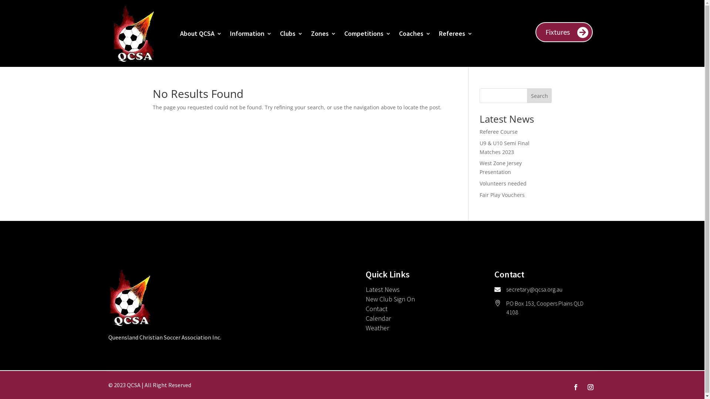 This screenshot has width=710, height=399. I want to click on 'About QCSA', so click(200, 33).